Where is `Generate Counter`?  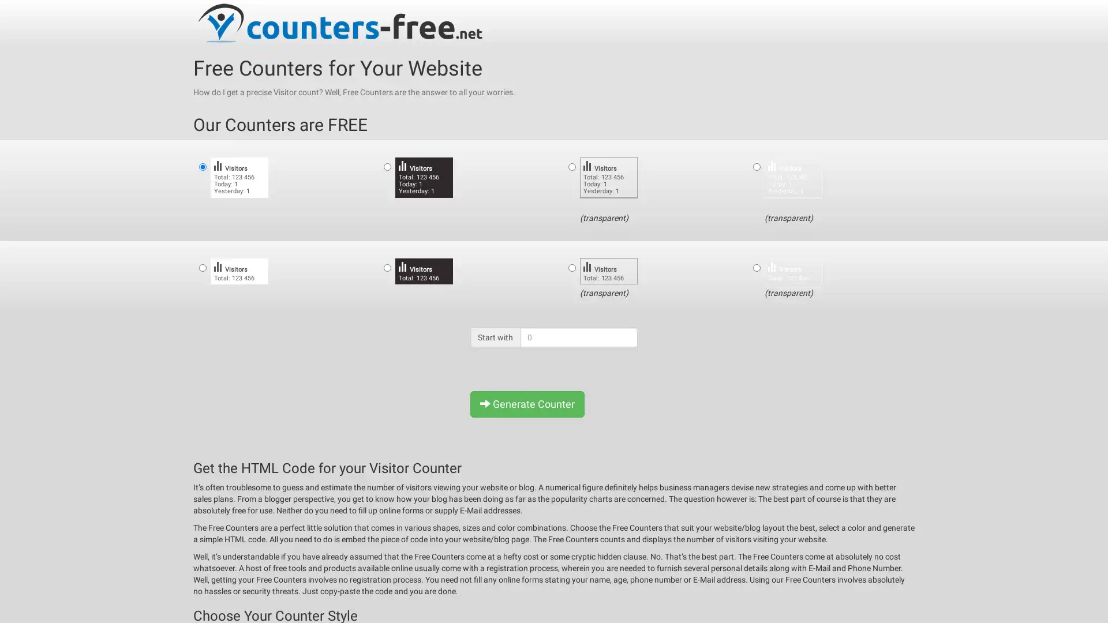 Generate Counter is located at coordinates (526, 403).